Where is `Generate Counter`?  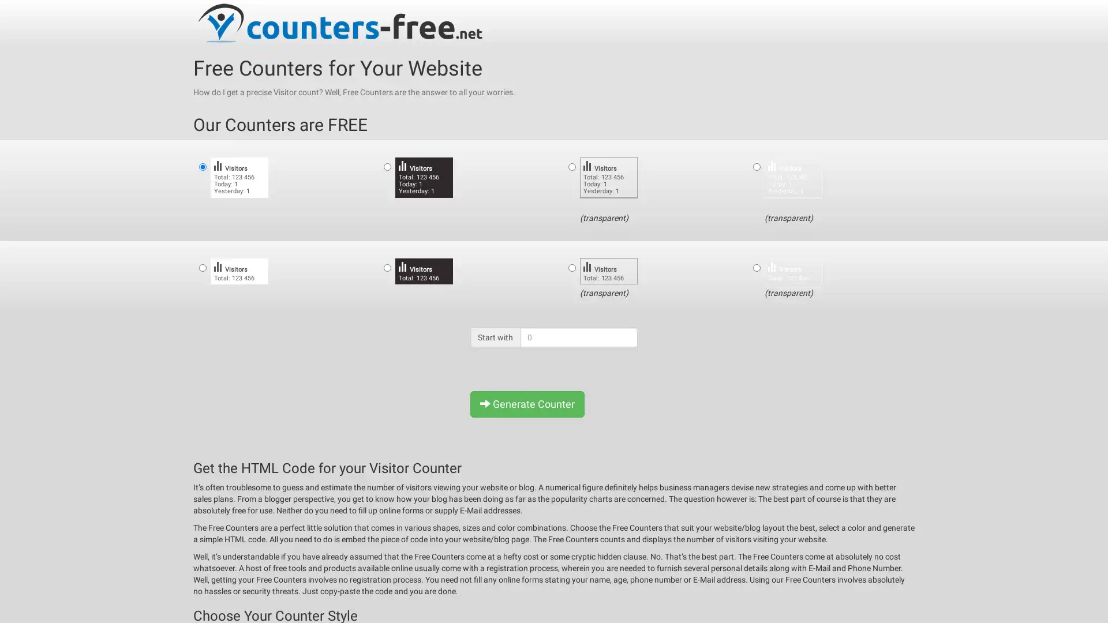 Generate Counter is located at coordinates (526, 403).